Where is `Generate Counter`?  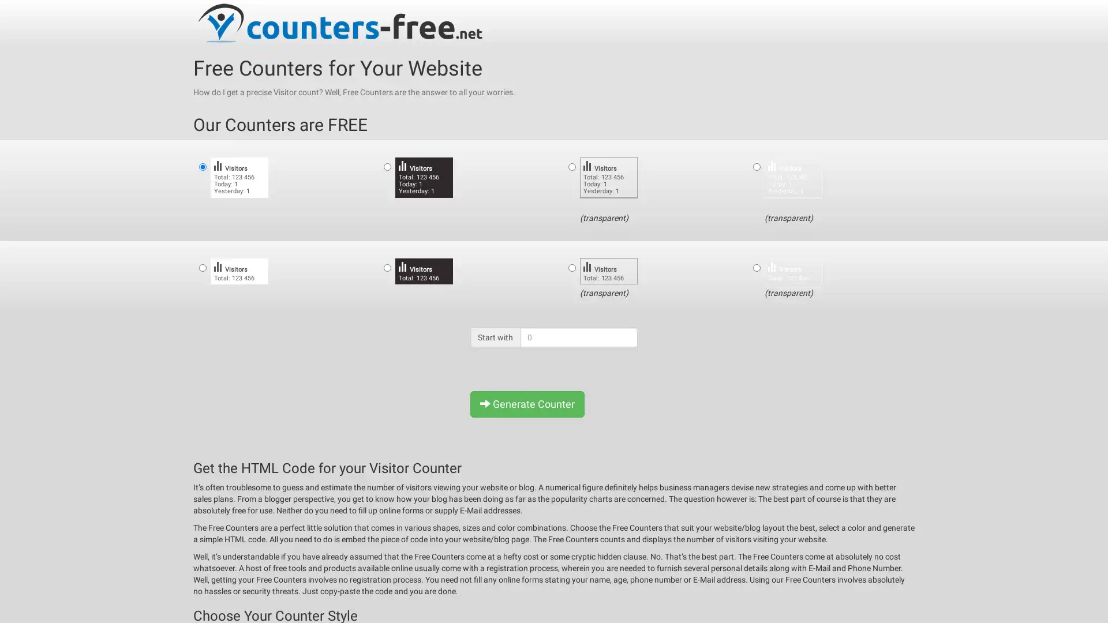 Generate Counter is located at coordinates (526, 403).